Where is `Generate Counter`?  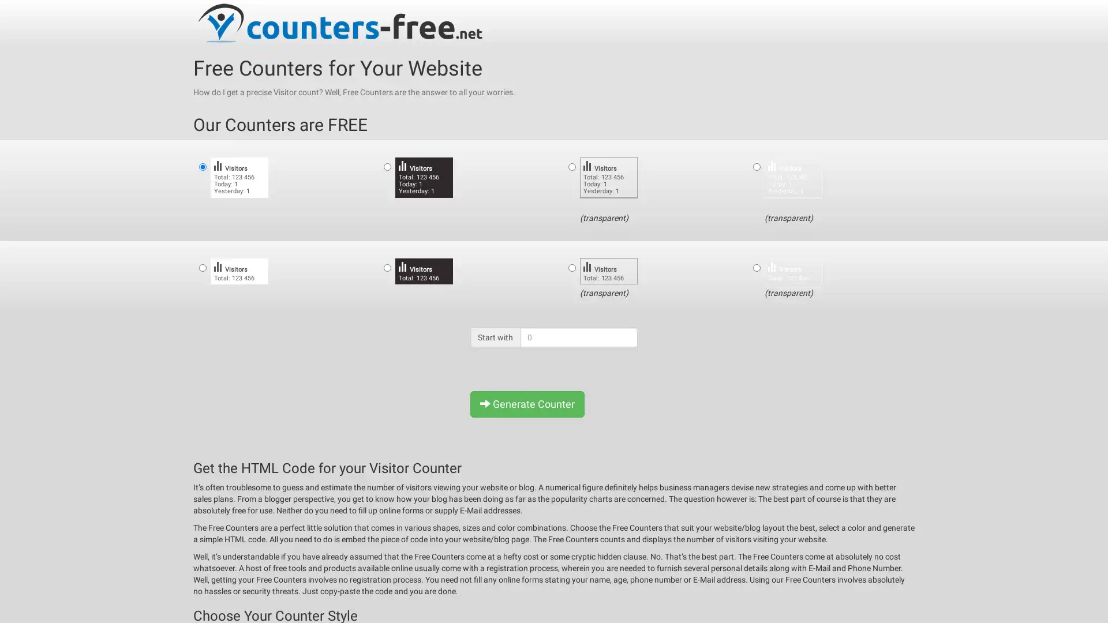 Generate Counter is located at coordinates (526, 403).